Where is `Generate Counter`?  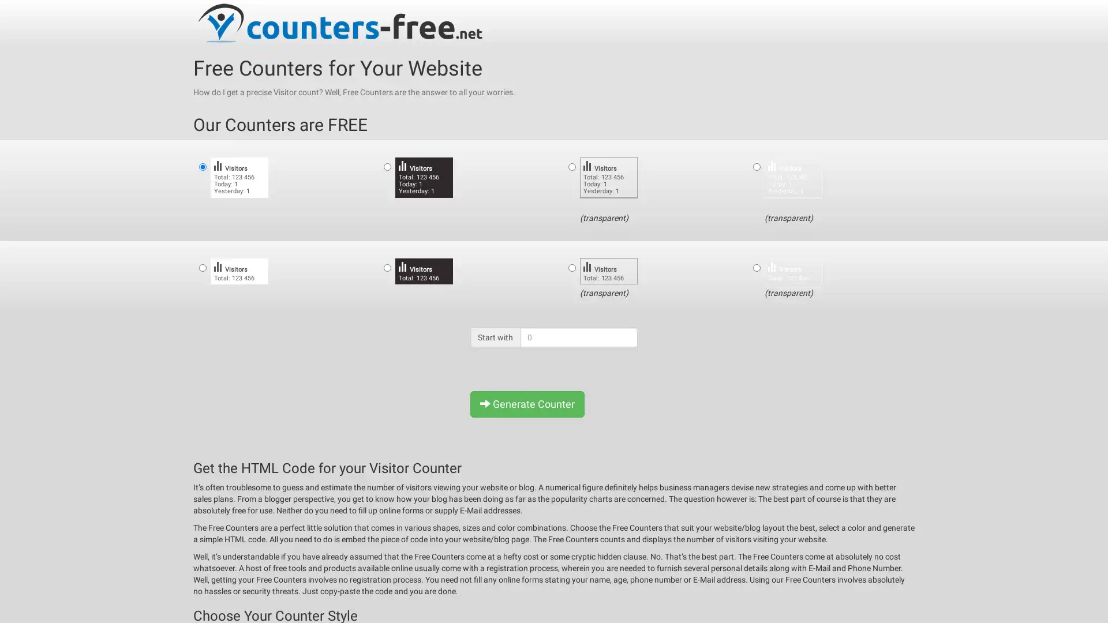 Generate Counter is located at coordinates (526, 403).